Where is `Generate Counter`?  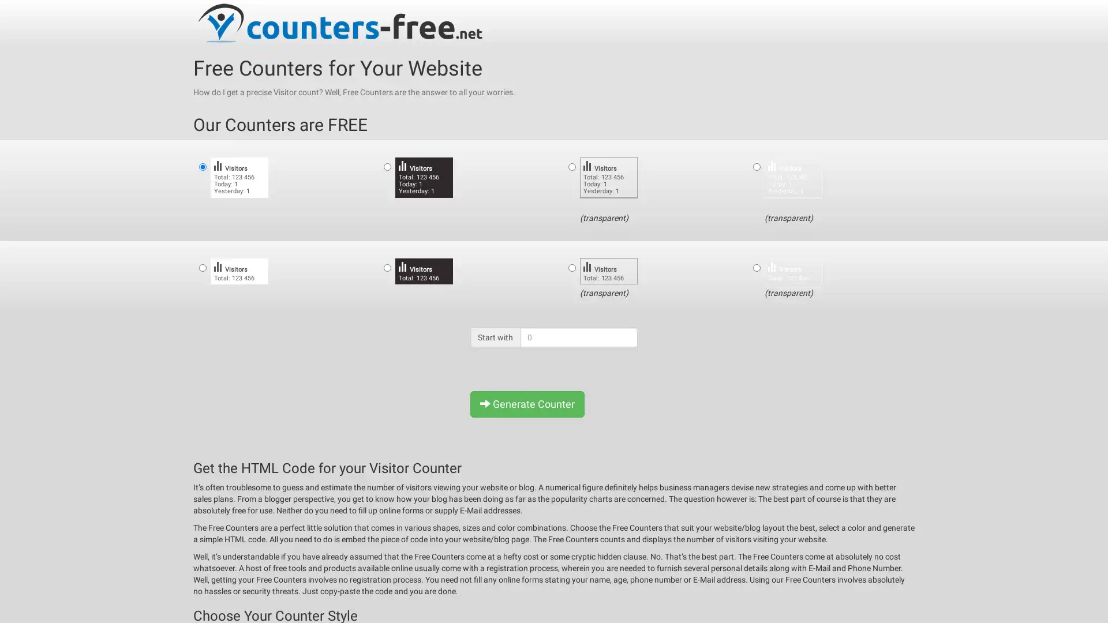 Generate Counter is located at coordinates (526, 403).